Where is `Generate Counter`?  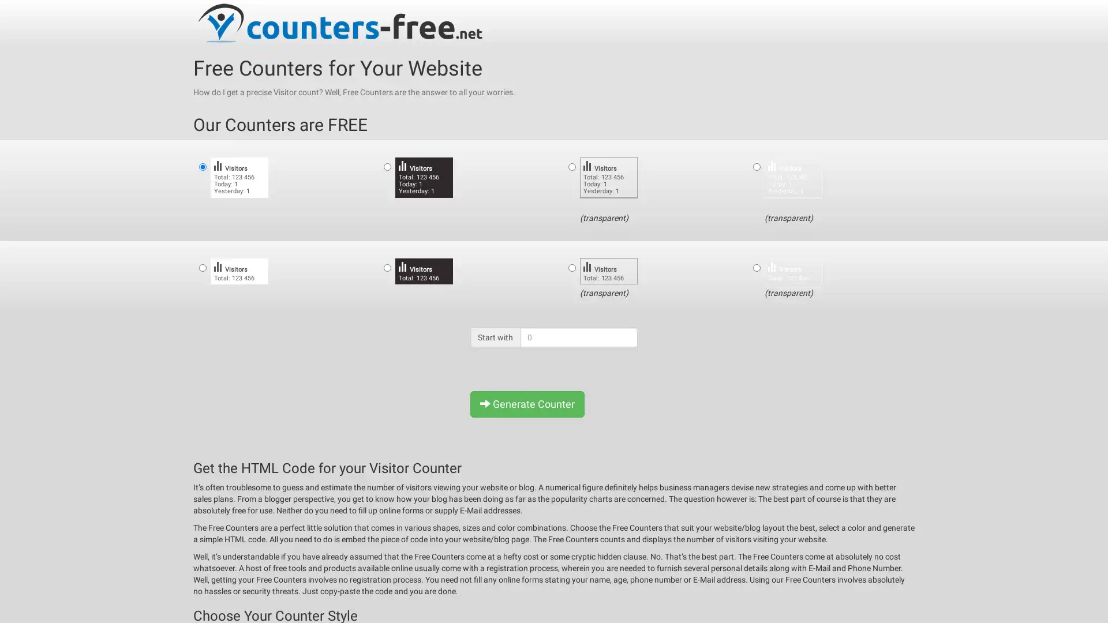 Generate Counter is located at coordinates (526, 403).